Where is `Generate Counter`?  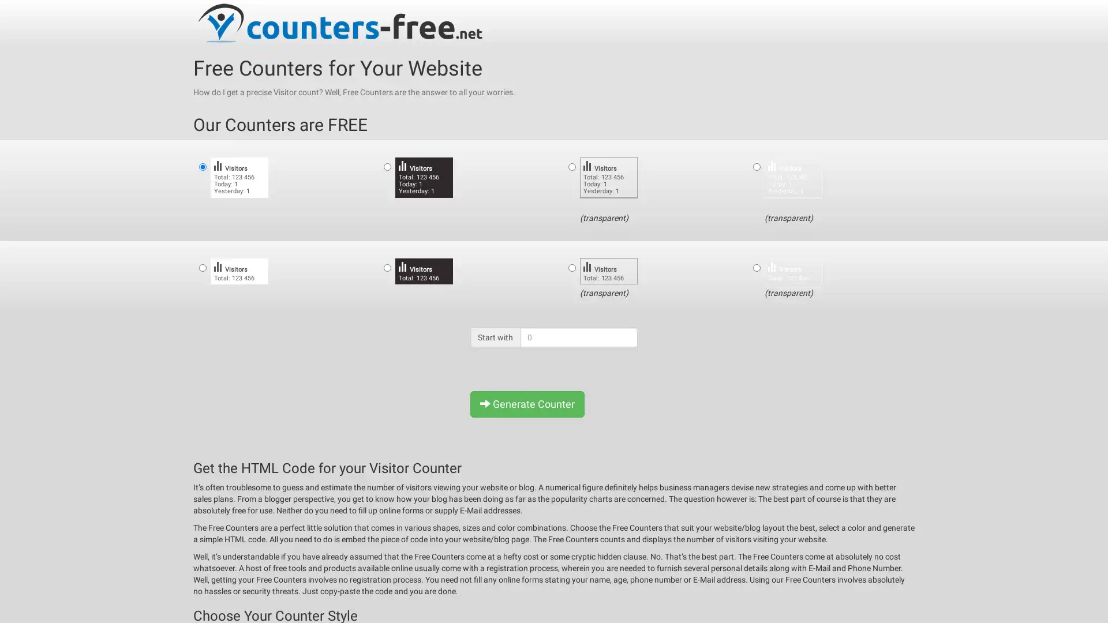 Generate Counter is located at coordinates (526, 403).